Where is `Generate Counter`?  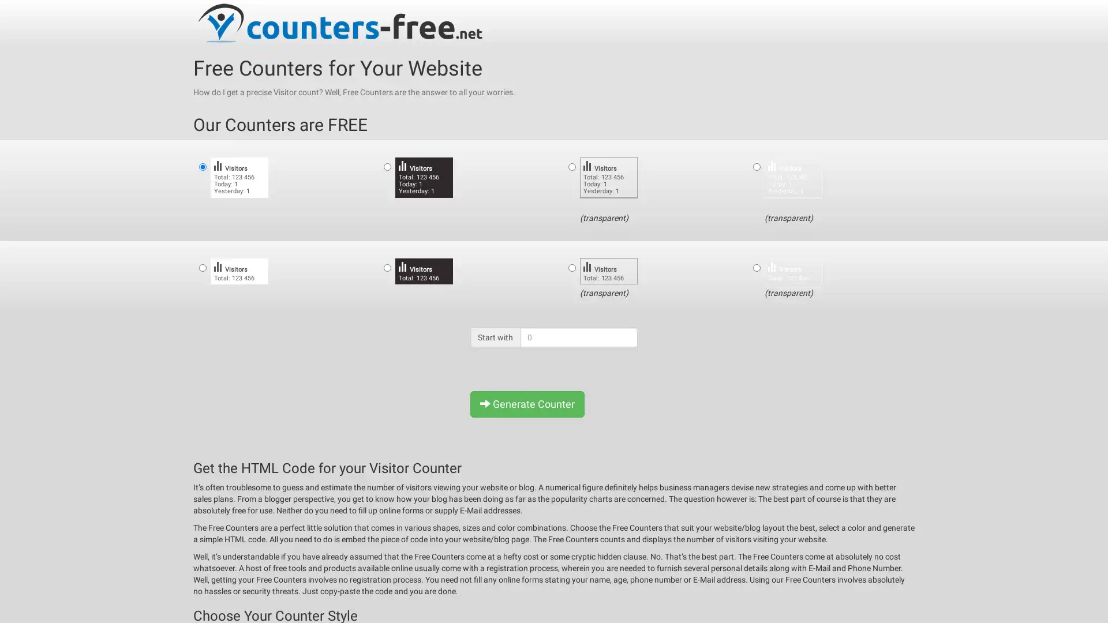 Generate Counter is located at coordinates (526, 403).